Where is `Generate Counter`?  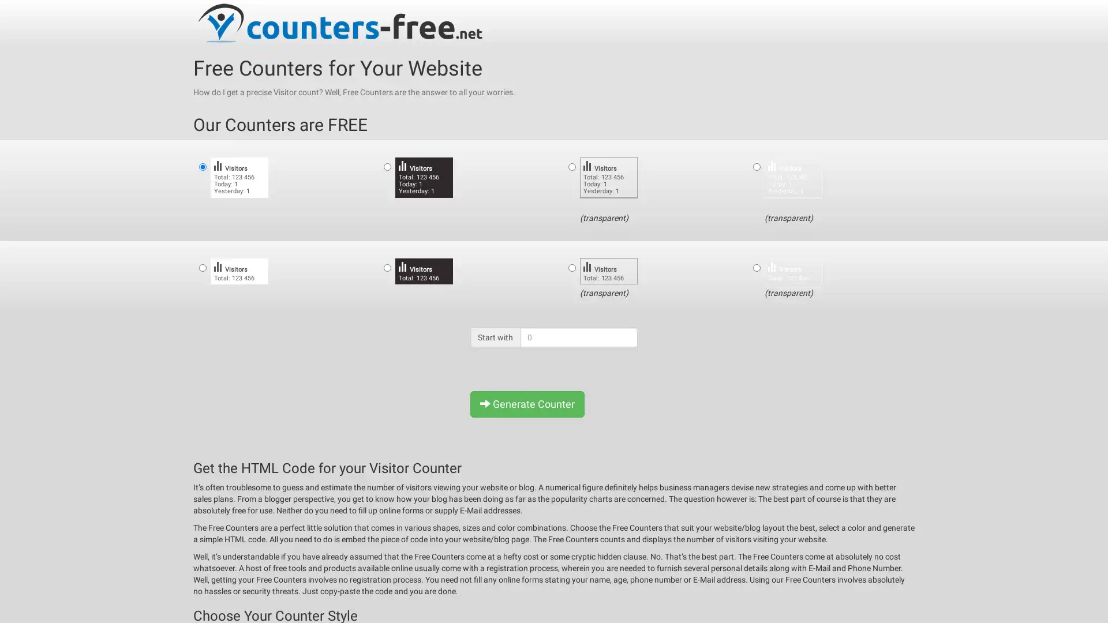 Generate Counter is located at coordinates (526, 403).